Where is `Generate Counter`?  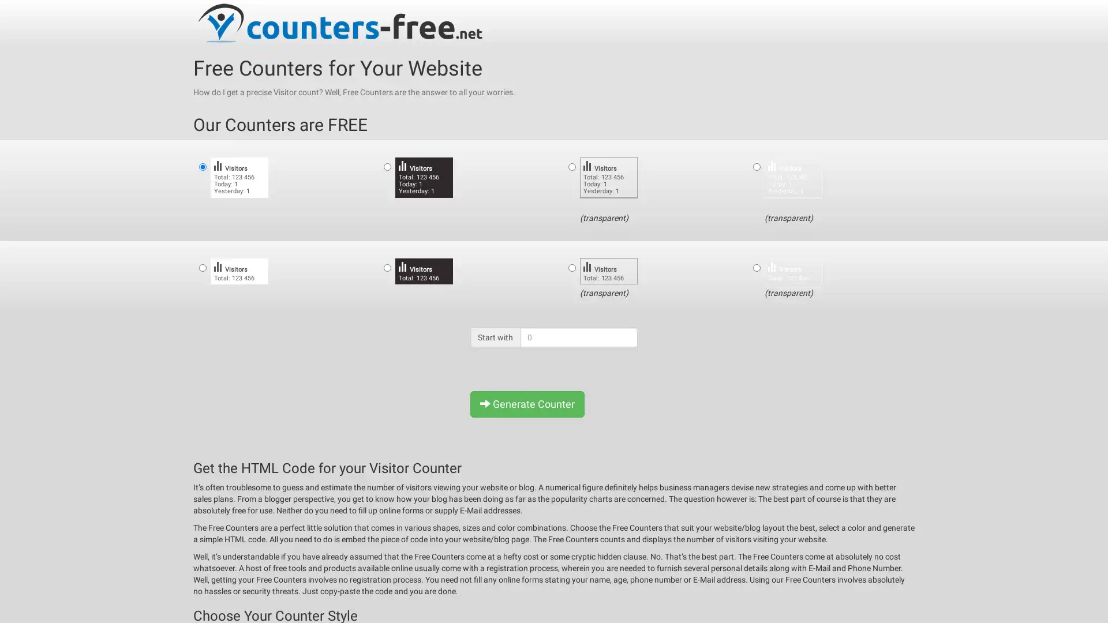 Generate Counter is located at coordinates (526, 403).